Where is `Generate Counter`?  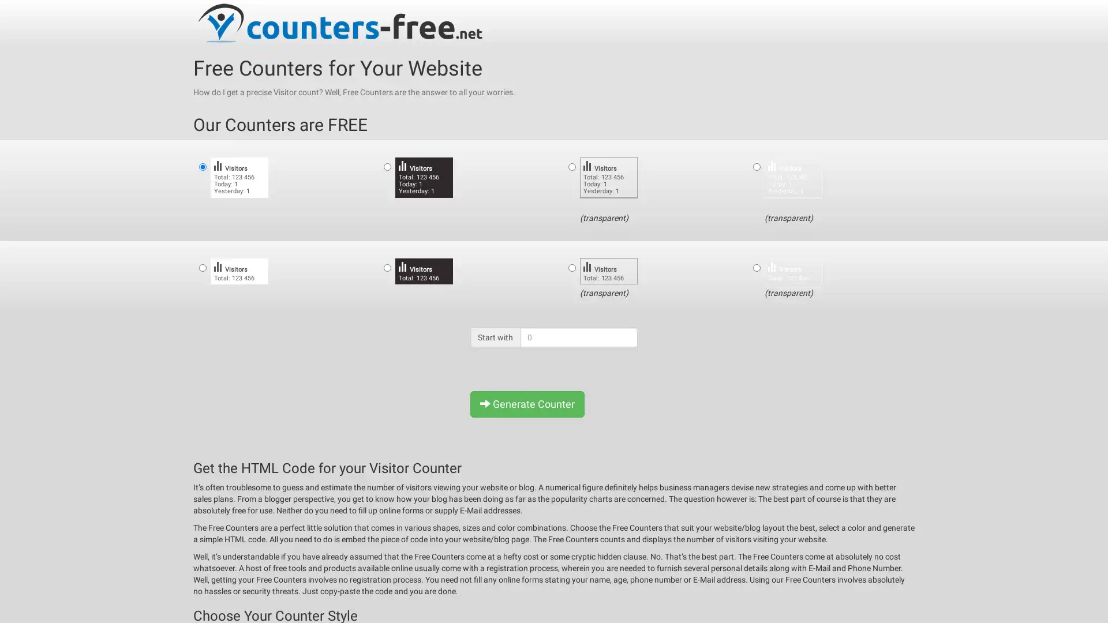 Generate Counter is located at coordinates (526, 403).